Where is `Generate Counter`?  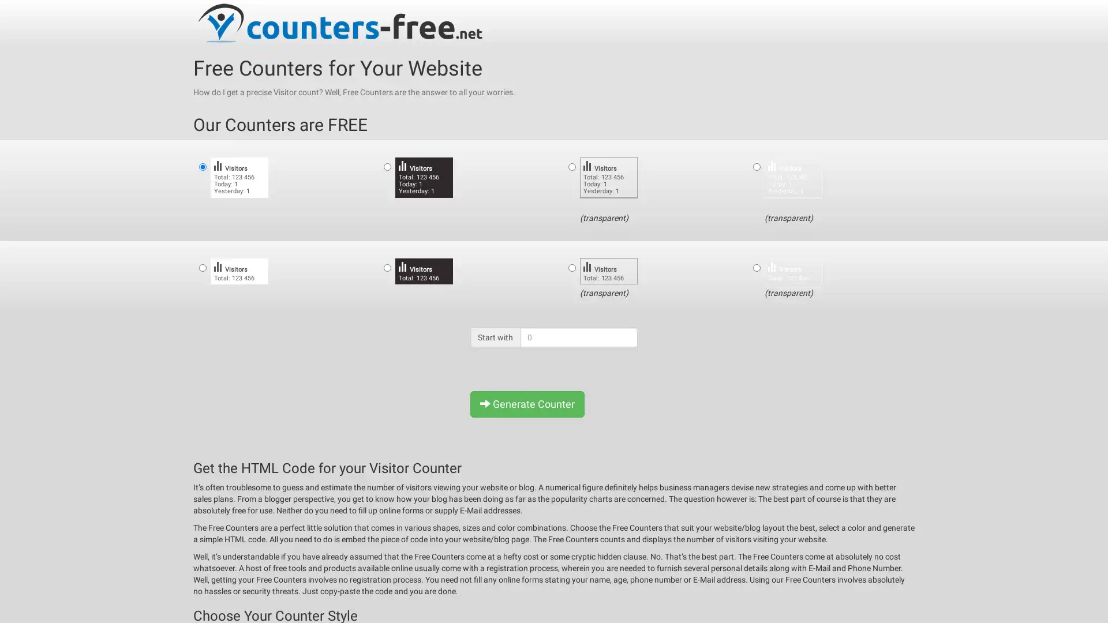 Generate Counter is located at coordinates (526, 403).